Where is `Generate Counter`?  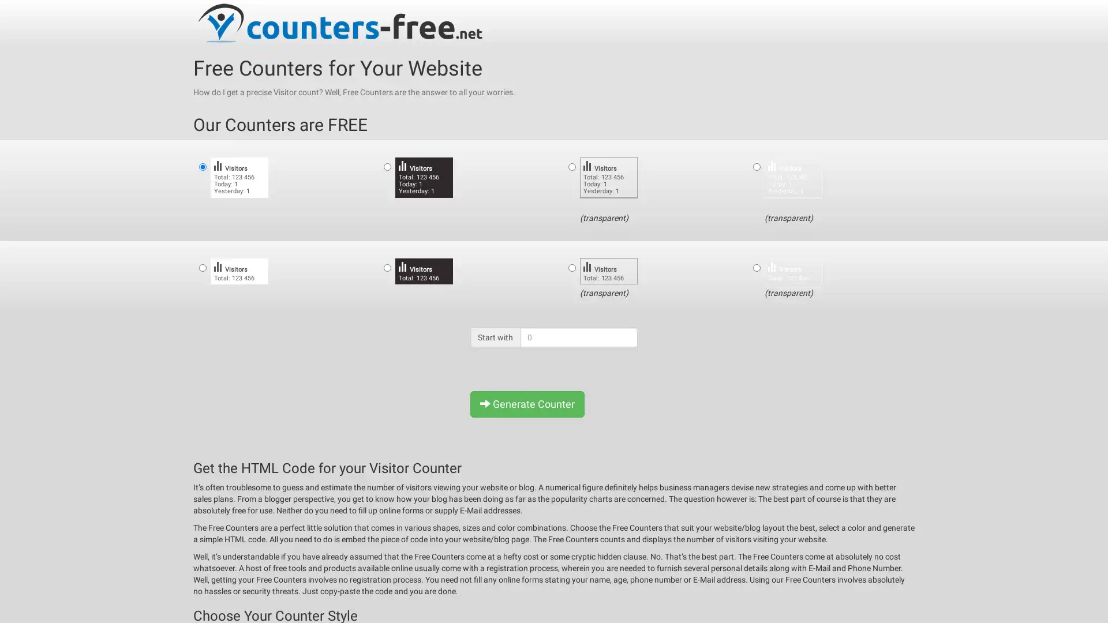 Generate Counter is located at coordinates (526, 403).